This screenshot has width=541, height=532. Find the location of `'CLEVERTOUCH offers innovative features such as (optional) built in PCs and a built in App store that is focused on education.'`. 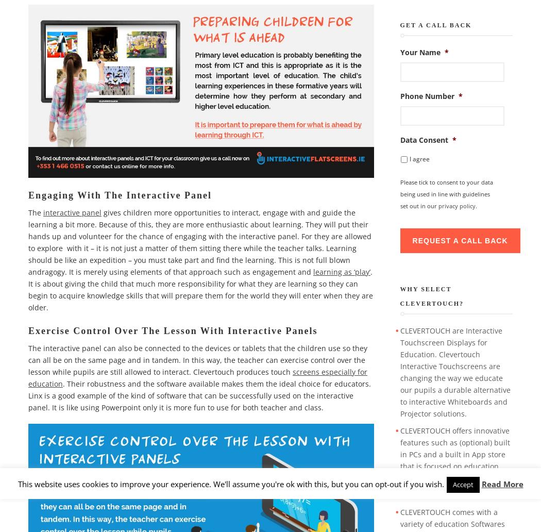

'CLEVERTOUCH offers innovative features such as (optional) built in PCs and a built in App store that is focused on education.' is located at coordinates (454, 448).